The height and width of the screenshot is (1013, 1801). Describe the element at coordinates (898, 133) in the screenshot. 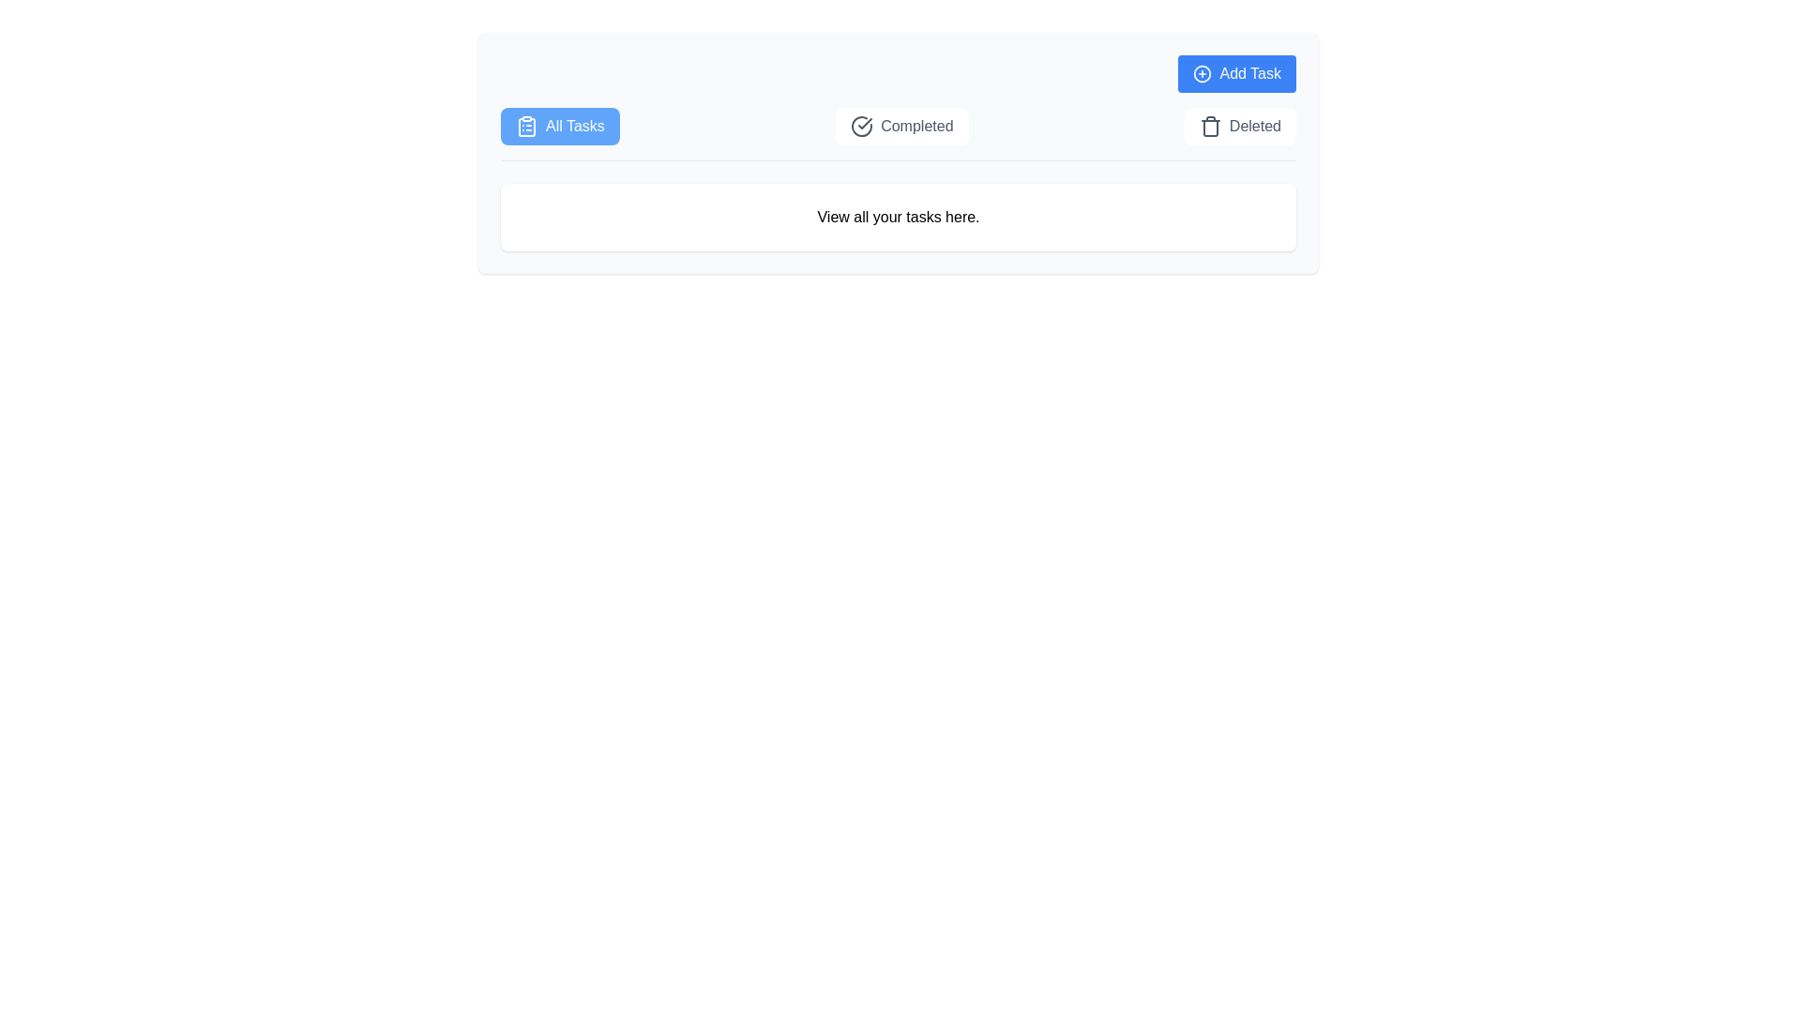

I see `the 'Completed' button located in the navigation bar to filter` at that location.